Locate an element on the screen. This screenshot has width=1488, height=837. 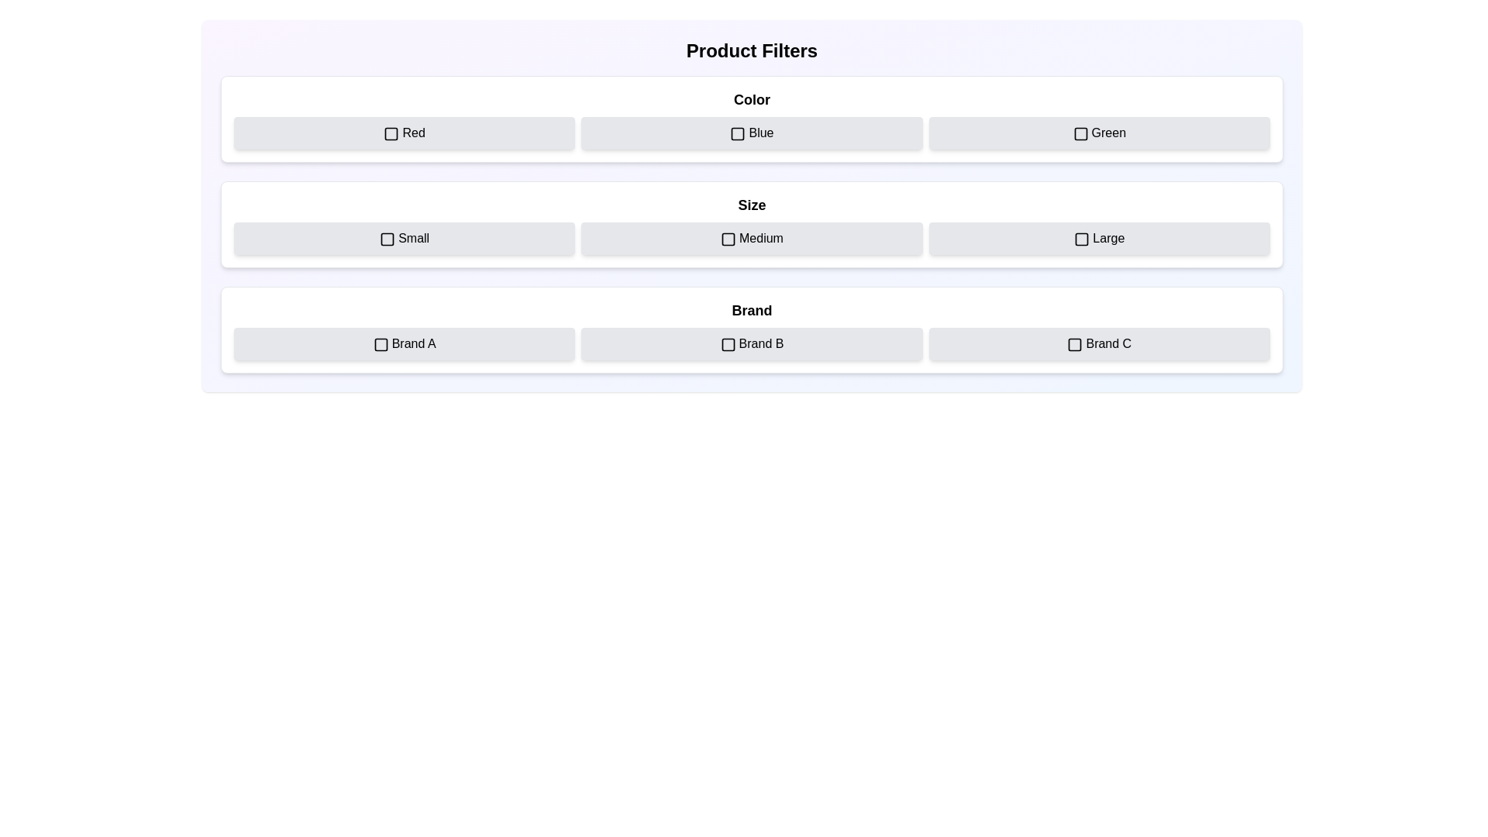
the Checkbox indicator next to the text label 'Blue' is located at coordinates (737, 133).